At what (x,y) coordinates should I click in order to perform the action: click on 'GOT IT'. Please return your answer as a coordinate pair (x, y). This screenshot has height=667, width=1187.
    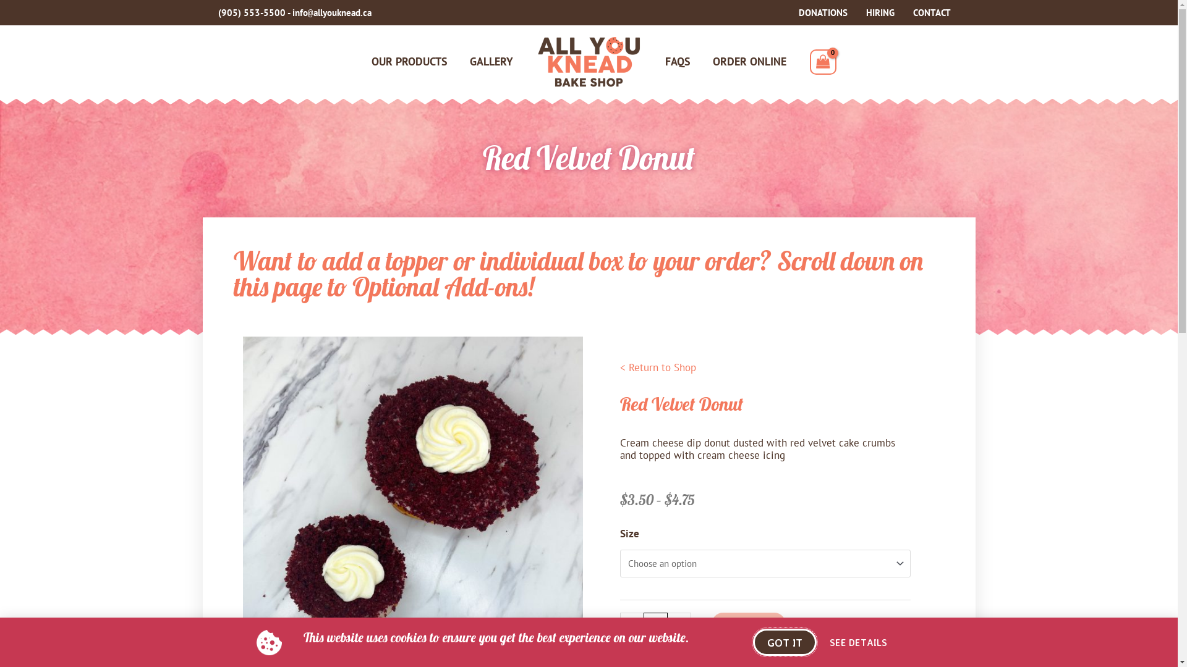
    Looking at the image, I should click on (784, 642).